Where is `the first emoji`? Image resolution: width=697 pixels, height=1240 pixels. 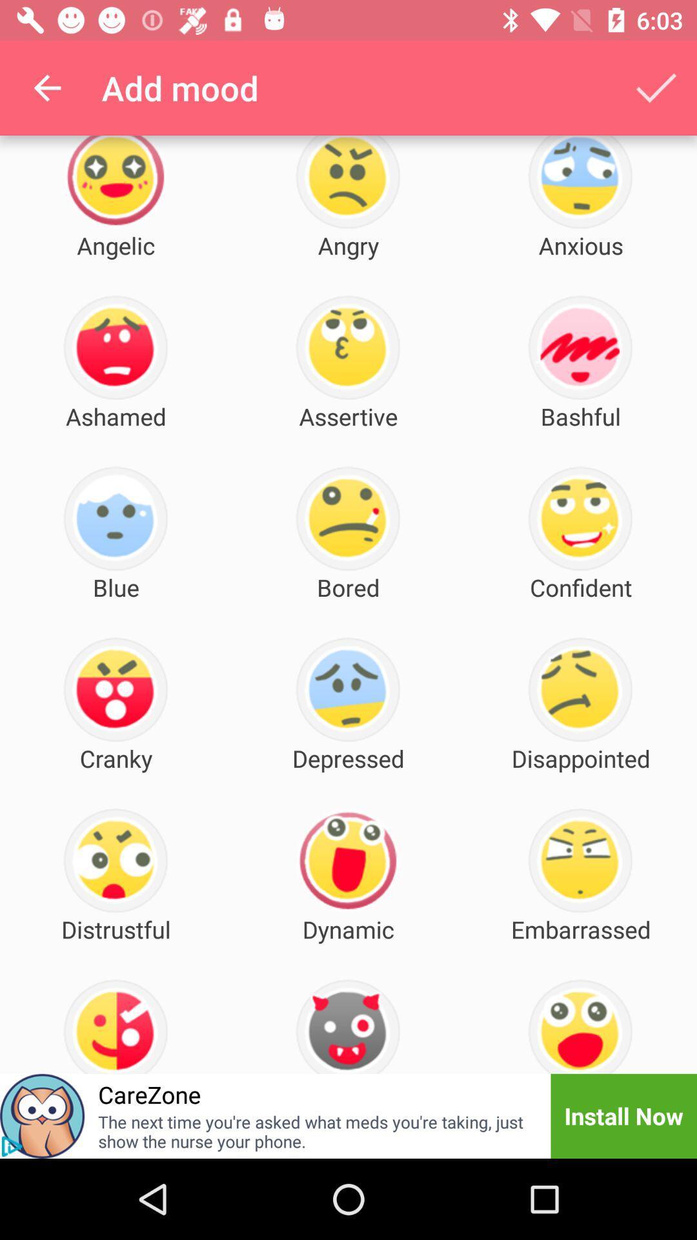 the first emoji is located at coordinates (115, 182).